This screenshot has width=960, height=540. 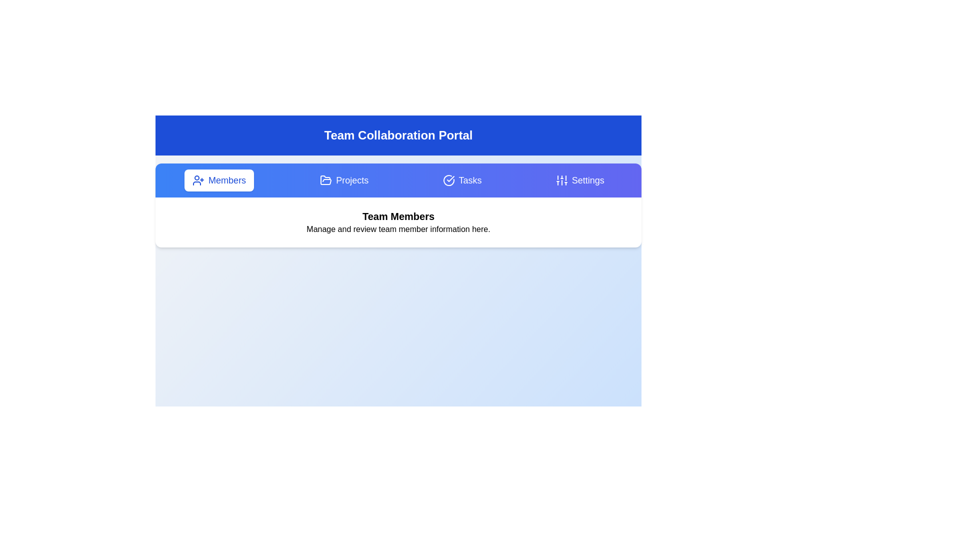 I want to click on the 'Tasks' button in the navigation bar, which features a circular check icon and a gradient blue to indigo background, so click(x=461, y=180).